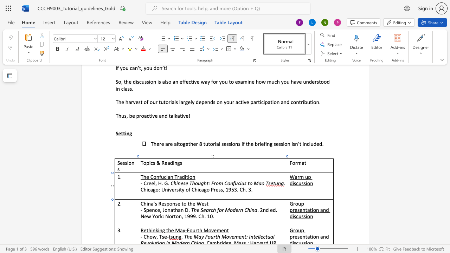  What do you see at coordinates (184, 203) in the screenshot?
I see `the space between the continuous character "t" and "o" in the text` at bounding box center [184, 203].